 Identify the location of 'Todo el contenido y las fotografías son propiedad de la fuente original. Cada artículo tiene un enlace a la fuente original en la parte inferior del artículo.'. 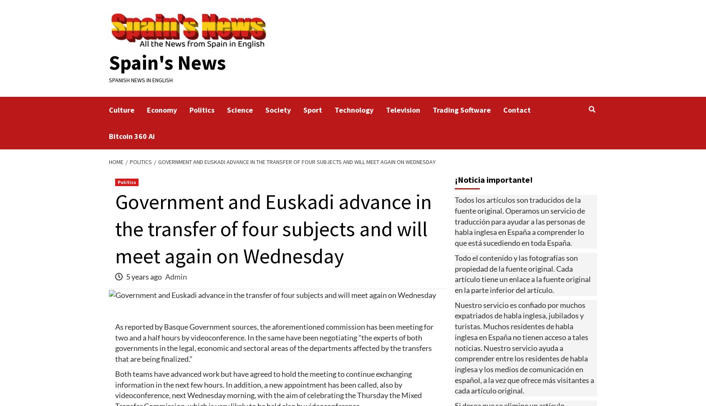
(522, 273).